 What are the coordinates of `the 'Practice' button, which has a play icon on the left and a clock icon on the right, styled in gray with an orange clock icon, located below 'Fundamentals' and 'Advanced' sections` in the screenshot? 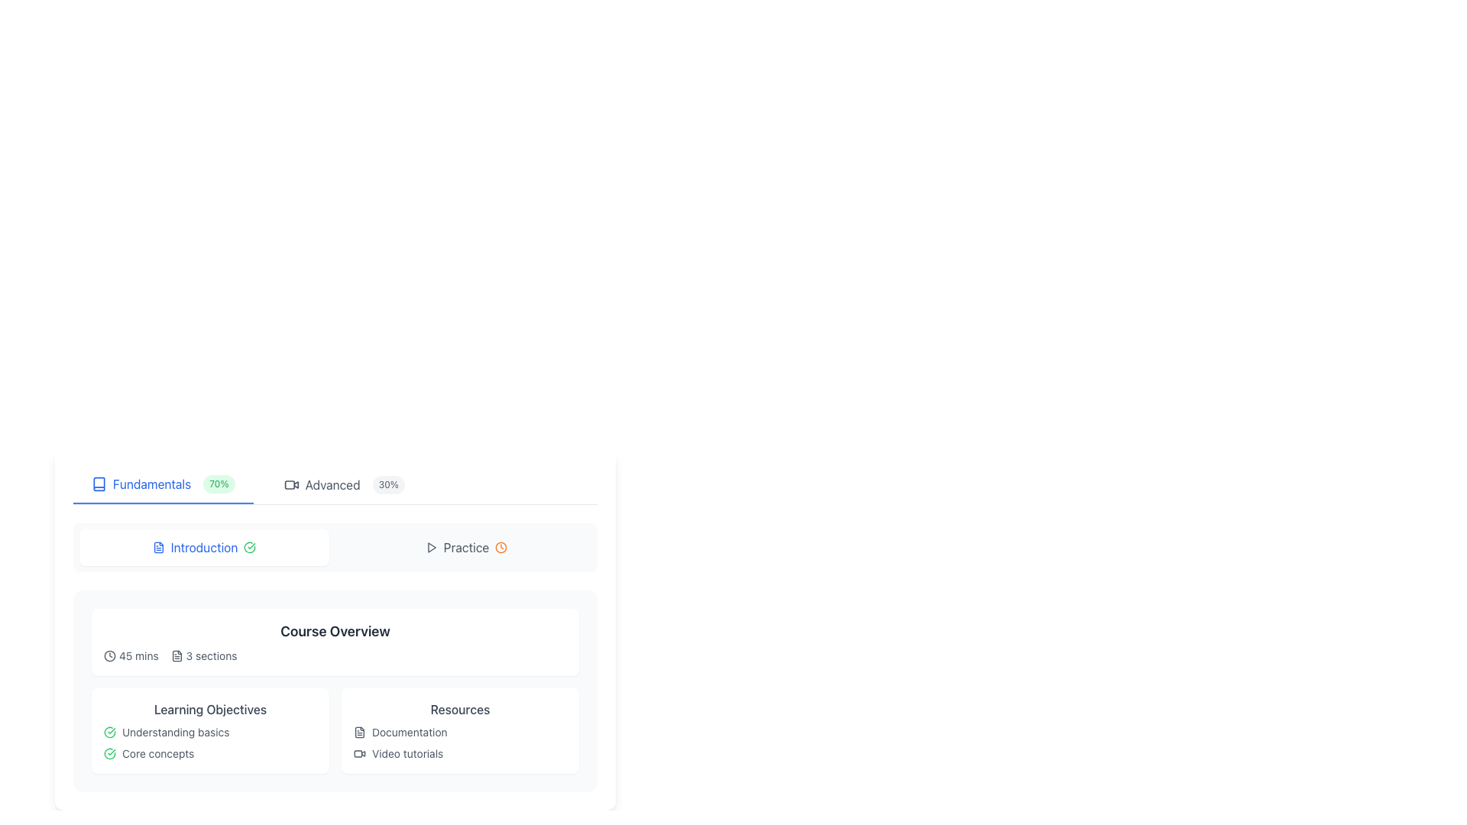 It's located at (465, 547).